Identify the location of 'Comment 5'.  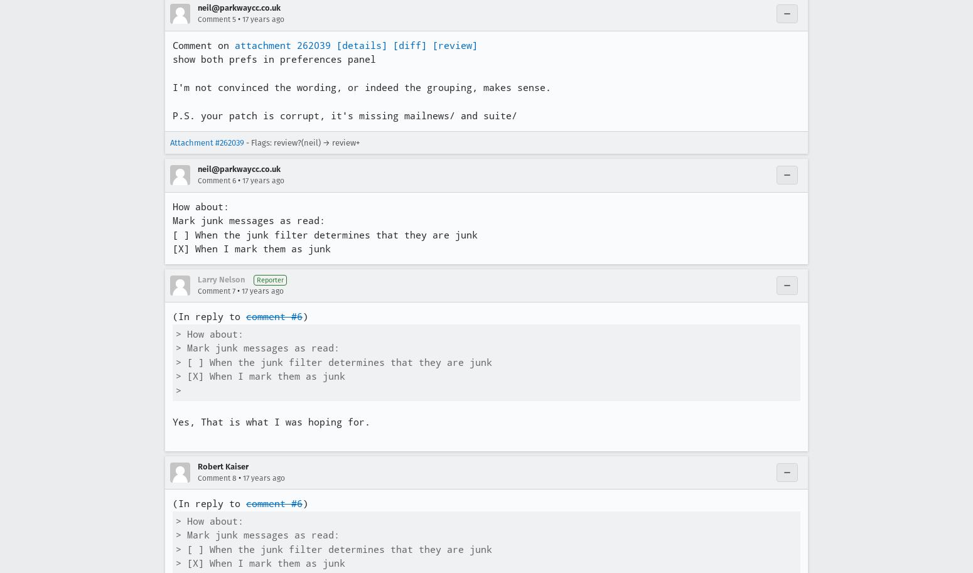
(216, 19).